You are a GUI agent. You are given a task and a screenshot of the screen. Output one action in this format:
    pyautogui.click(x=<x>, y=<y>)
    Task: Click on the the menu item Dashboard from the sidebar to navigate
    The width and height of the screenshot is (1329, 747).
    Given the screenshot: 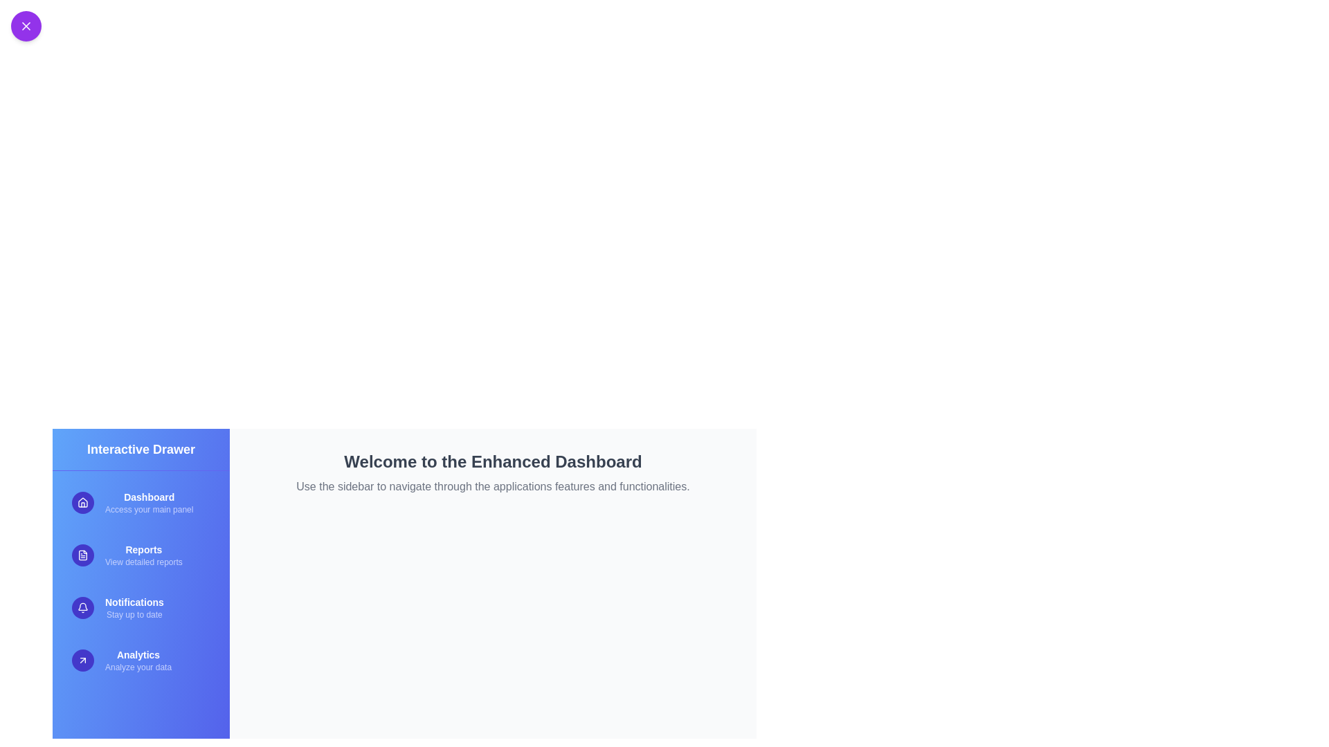 What is the action you would take?
    pyautogui.click(x=141, y=502)
    